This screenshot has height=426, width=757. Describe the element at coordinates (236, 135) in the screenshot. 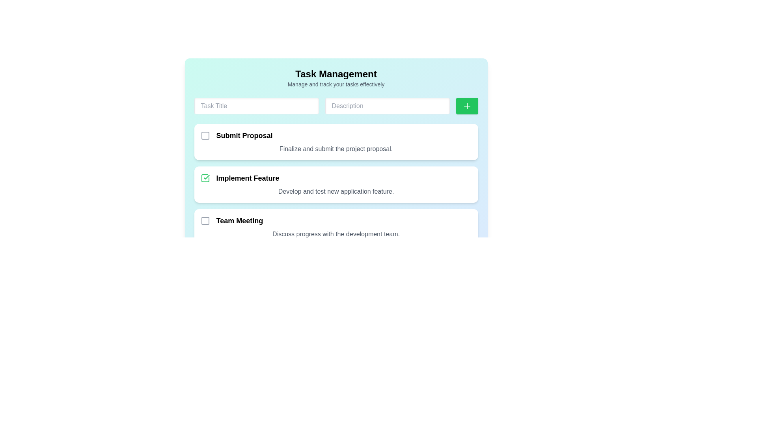

I see `the 'Submit Proposal' task label` at that location.